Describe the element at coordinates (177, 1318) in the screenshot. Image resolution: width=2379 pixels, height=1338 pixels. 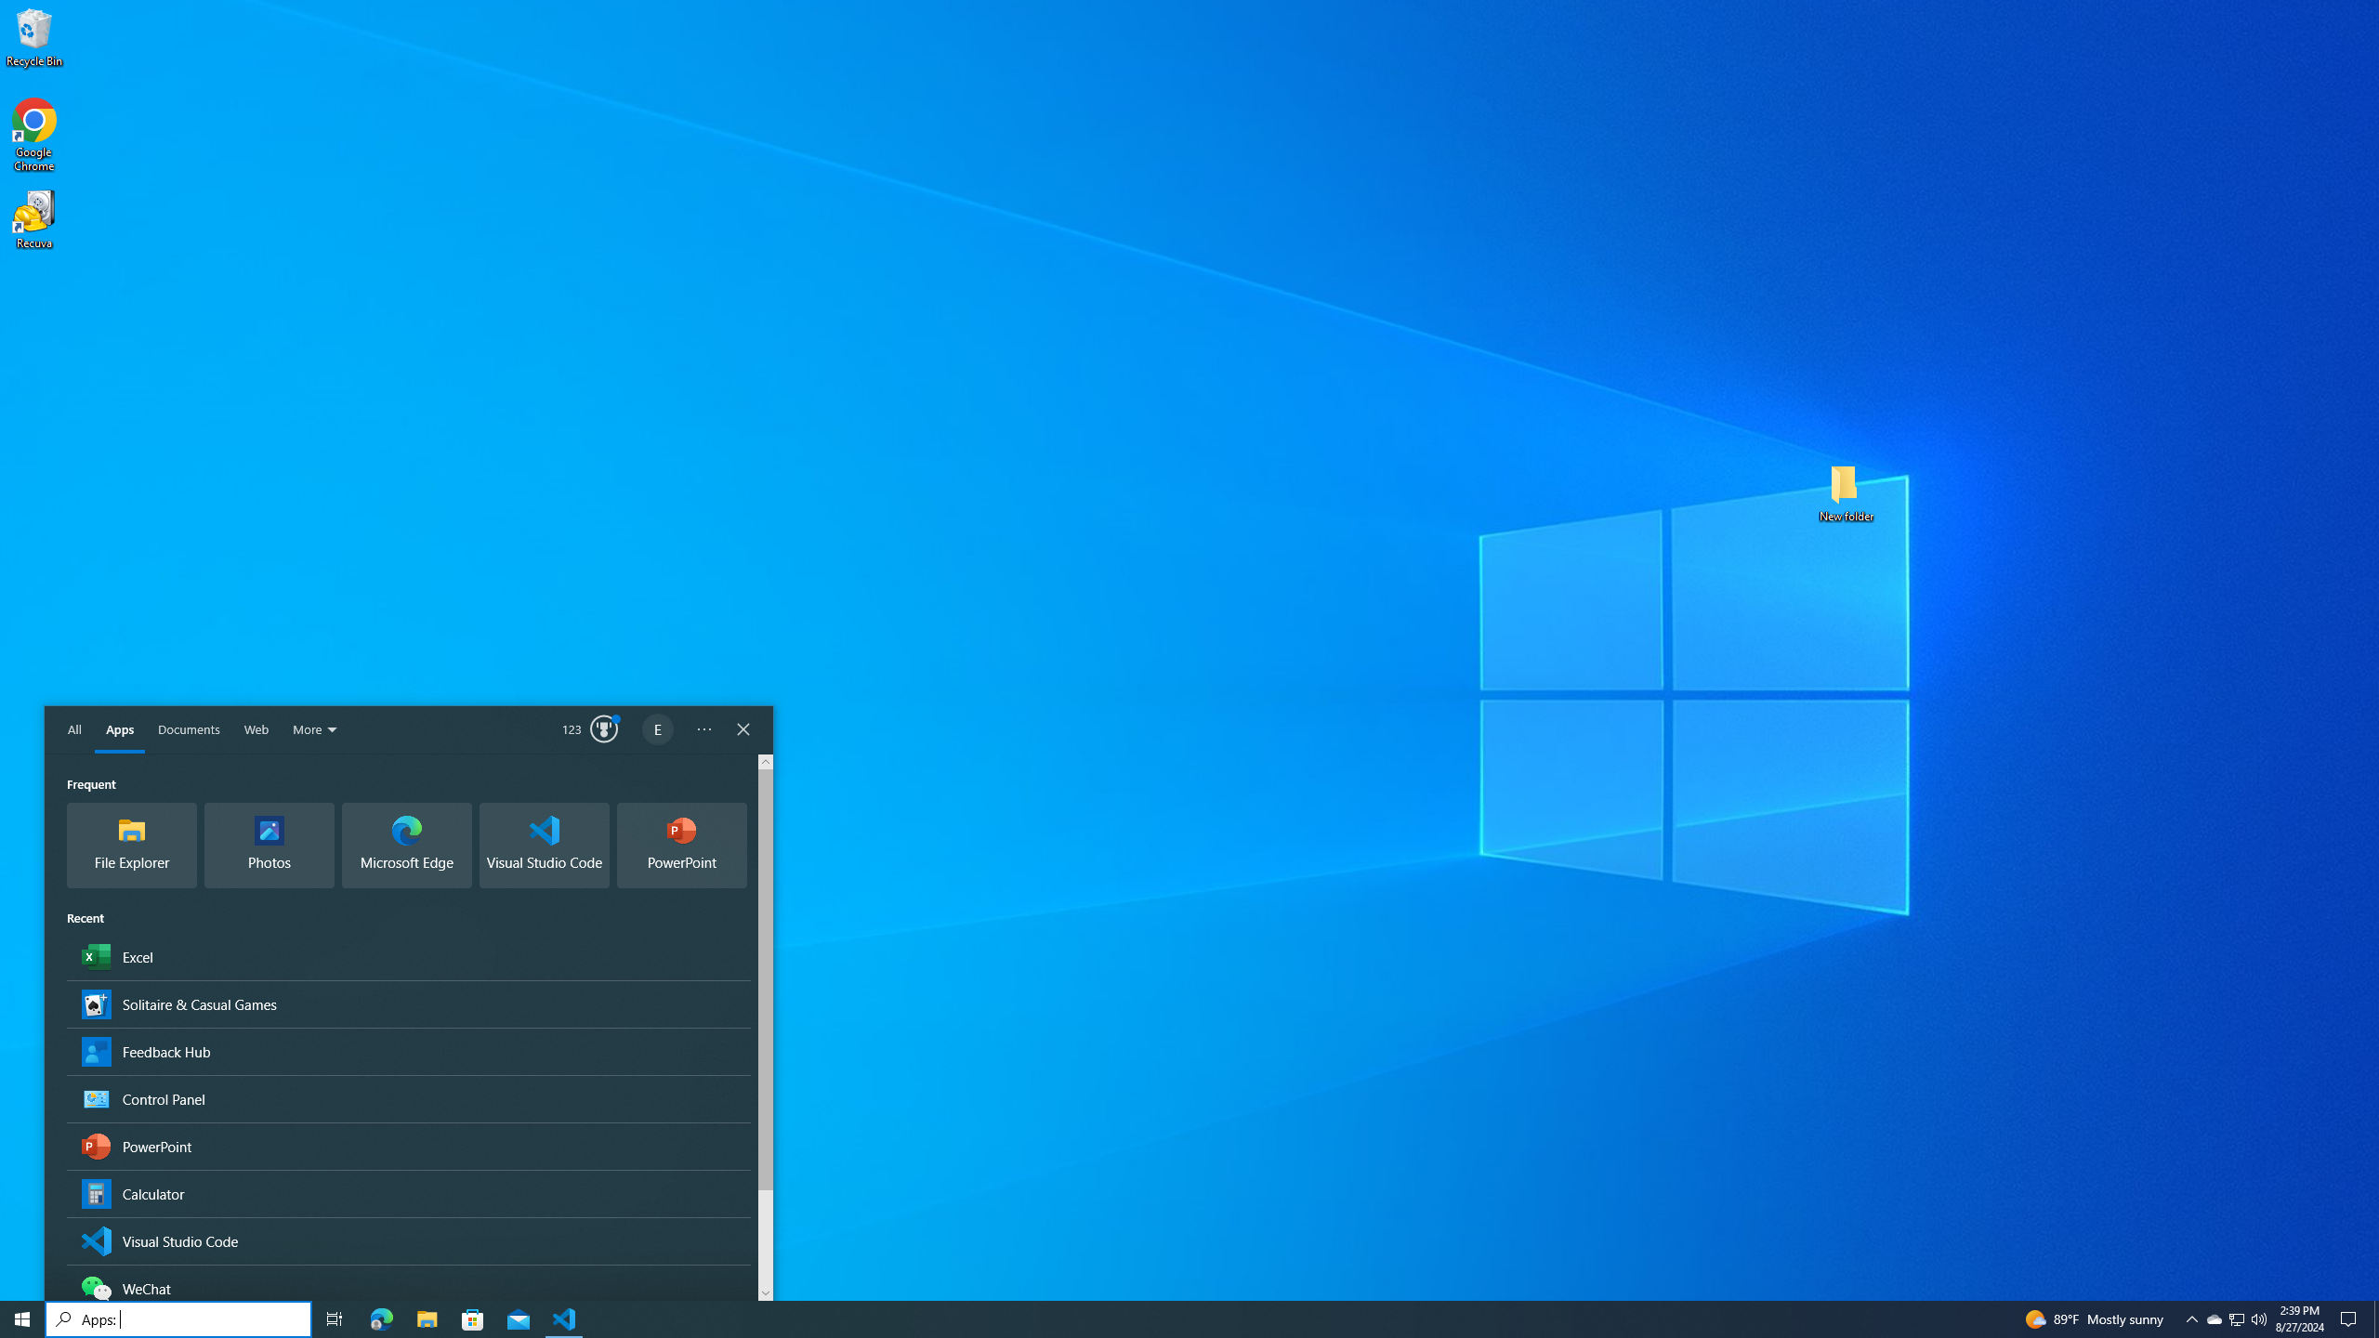
I see `'Search box'` at that location.